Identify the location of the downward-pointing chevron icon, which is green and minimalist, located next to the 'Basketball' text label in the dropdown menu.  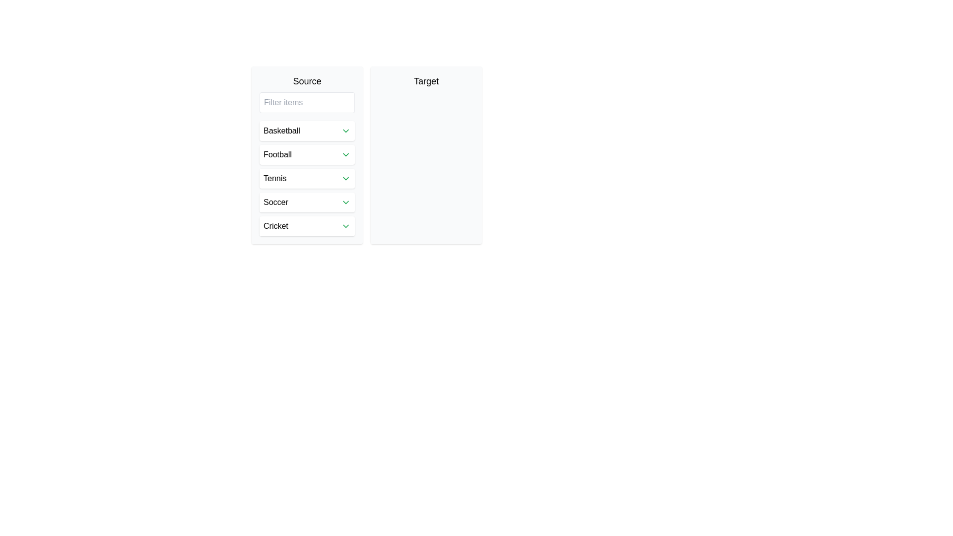
(345, 130).